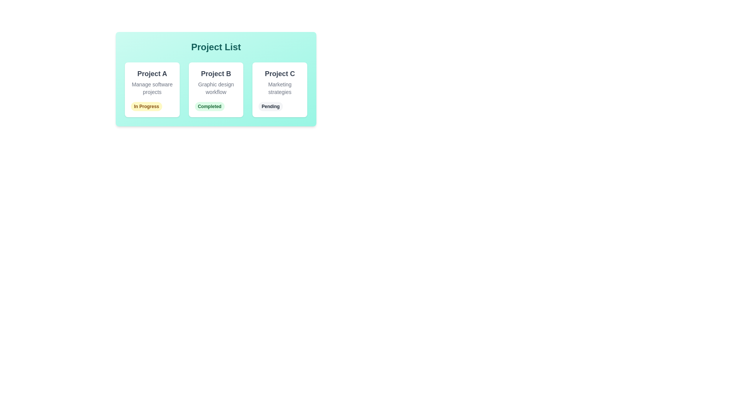 Image resolution: width=731 pixels, height=411 pixels. Describe the element at coordinates (209, 107) in the screenshot. I see `the status label of Project B` at that location.